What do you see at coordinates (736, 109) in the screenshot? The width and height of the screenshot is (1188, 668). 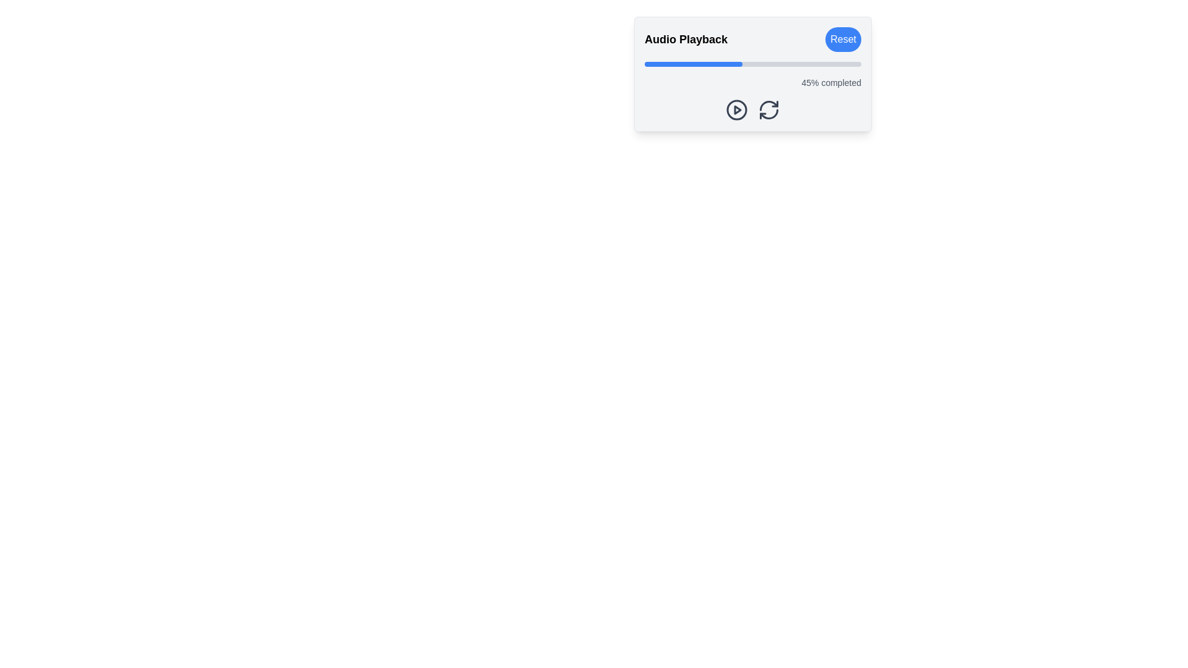 I see `the decorative circle element that serves as the outer boundary of the 'play' button located within the 'Audio Playback' control panel area` at bounding box center [736, 109].